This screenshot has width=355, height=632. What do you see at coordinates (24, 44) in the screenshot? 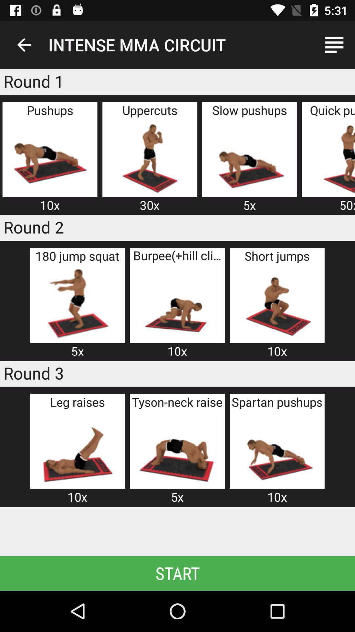
I see `icon to the left of the intense mma circuit` at bounding box center [24, 44].